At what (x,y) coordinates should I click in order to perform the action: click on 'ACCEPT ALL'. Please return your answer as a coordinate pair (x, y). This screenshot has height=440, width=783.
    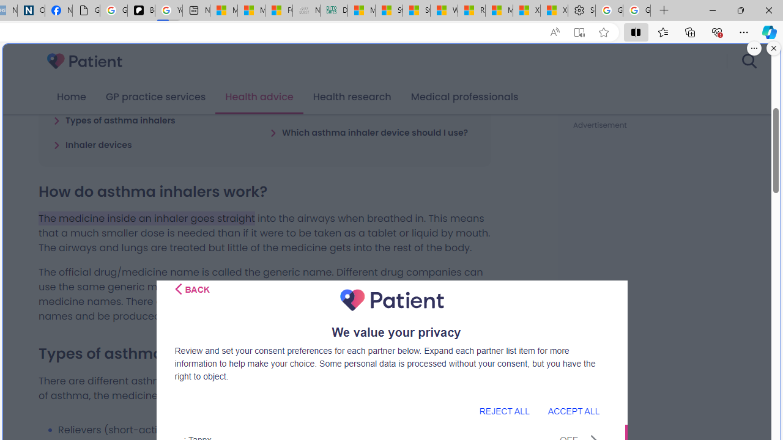
    Looking at the image, I should click on (573, 411).